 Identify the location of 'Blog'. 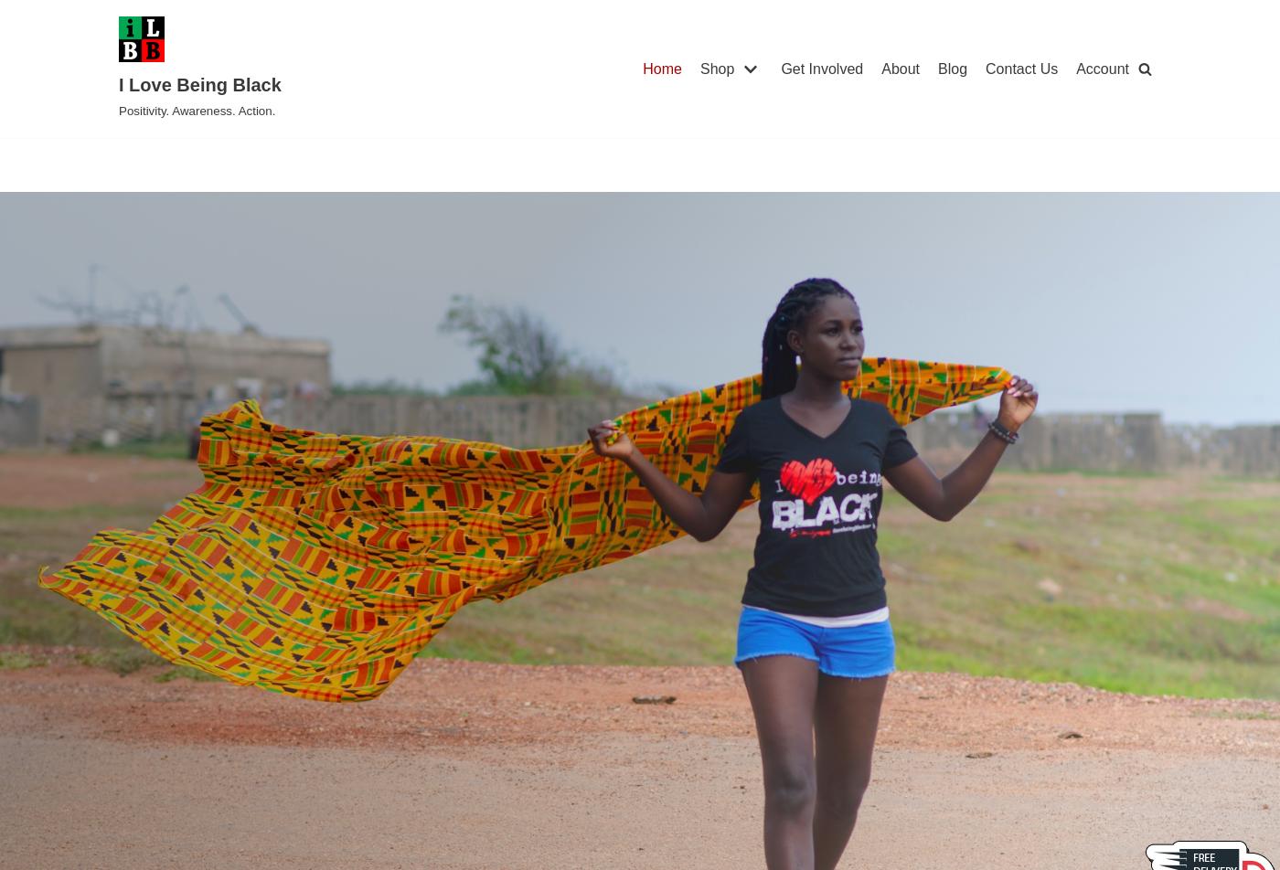
(953, 68).